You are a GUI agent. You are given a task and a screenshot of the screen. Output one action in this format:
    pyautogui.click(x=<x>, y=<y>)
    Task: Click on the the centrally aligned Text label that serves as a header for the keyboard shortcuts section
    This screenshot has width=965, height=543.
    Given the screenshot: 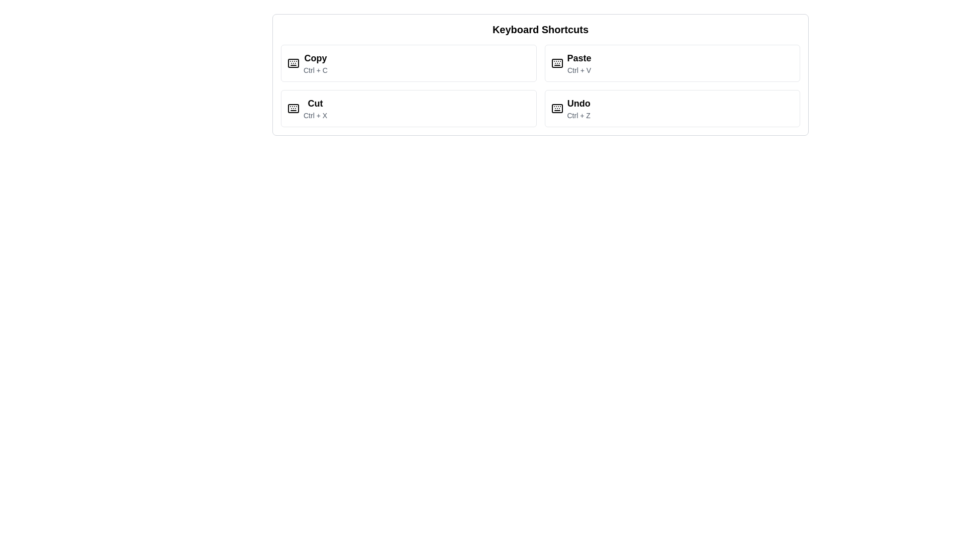 What is the action you would take?
    pyautogui.click(x=540, y=29)
    